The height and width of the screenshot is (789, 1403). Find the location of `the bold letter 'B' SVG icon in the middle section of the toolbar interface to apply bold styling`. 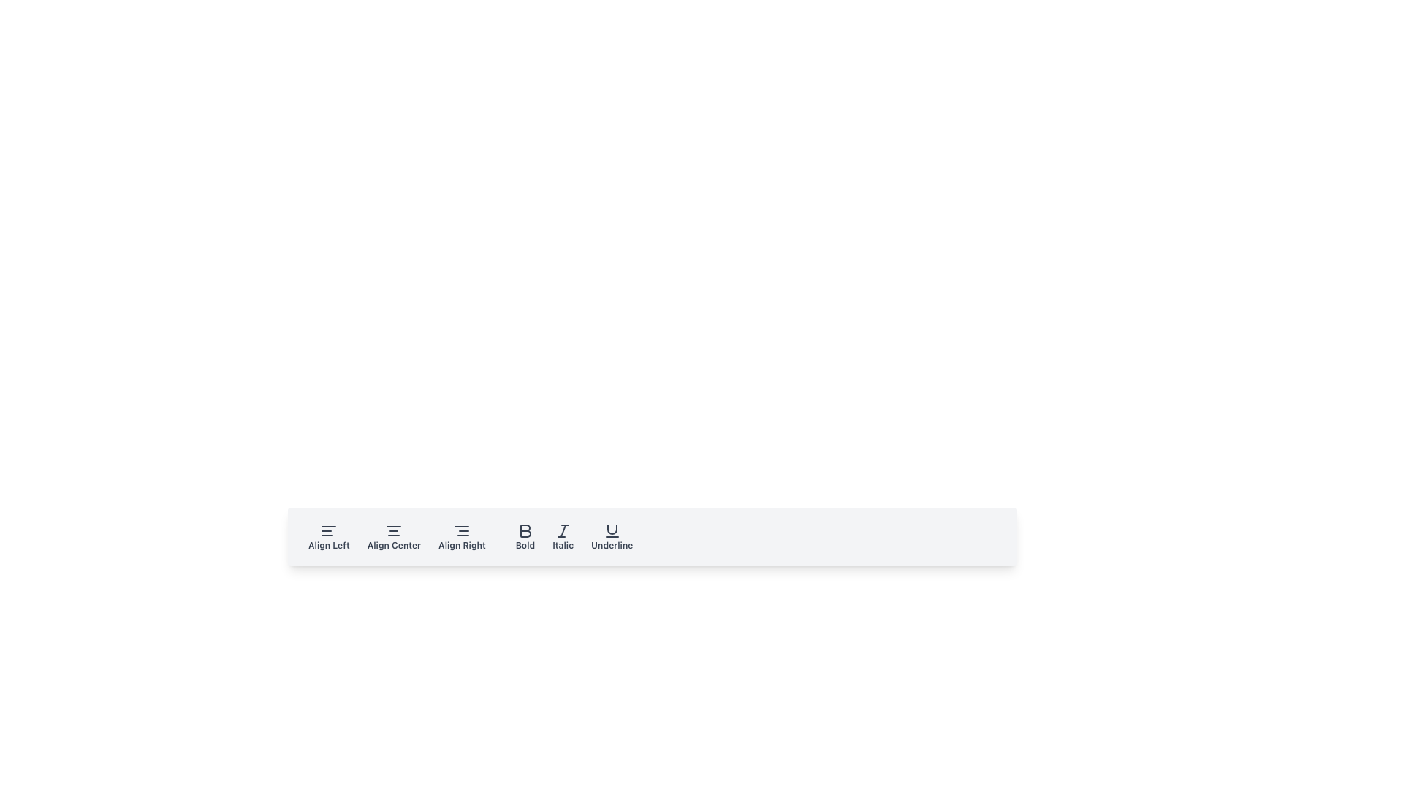

the bold letter 'B' SVG icon in the middle section of the toolbar interface to apply bold styling is located at coordinates (525, 530).